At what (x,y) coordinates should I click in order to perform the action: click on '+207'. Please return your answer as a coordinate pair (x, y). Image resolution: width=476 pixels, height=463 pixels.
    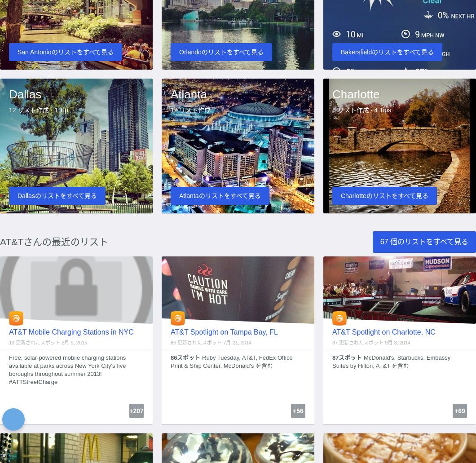
    Looking at the image, I should click on (136, 410).